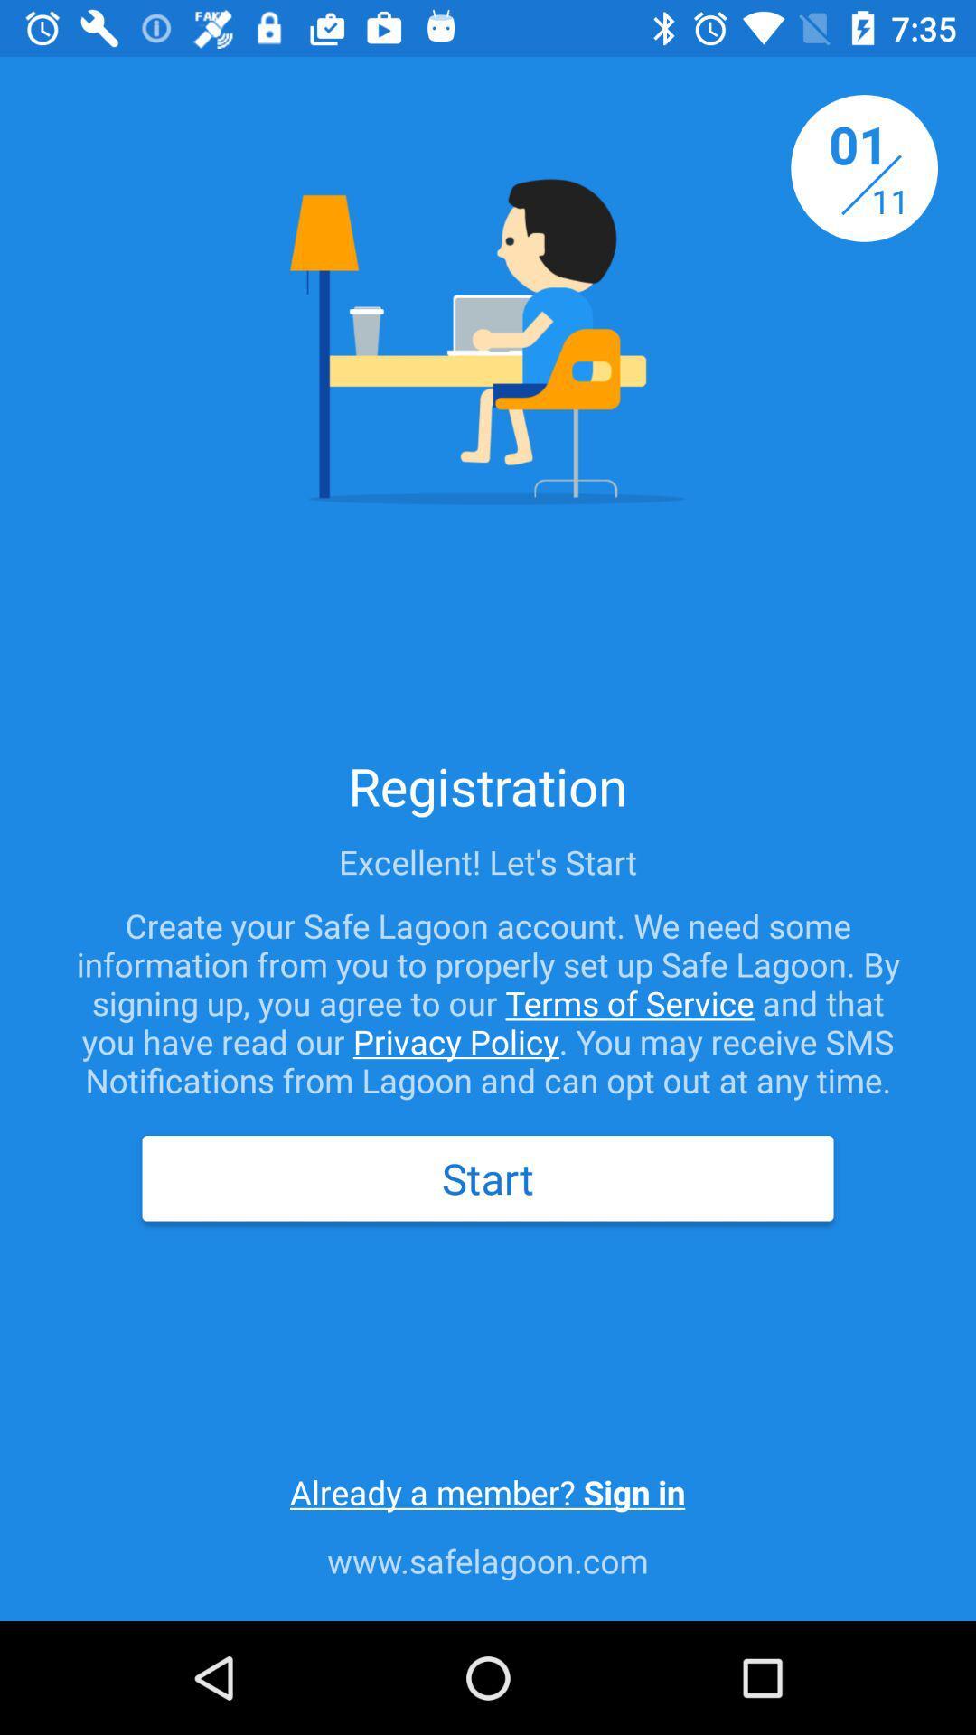 The height and width of the screenshot is (1735, 976). What do you see at coordinates (486, 1492) in the screenshot?
I see `the icon above www.safelagoon.com item` at bounding box center [486, 1492].